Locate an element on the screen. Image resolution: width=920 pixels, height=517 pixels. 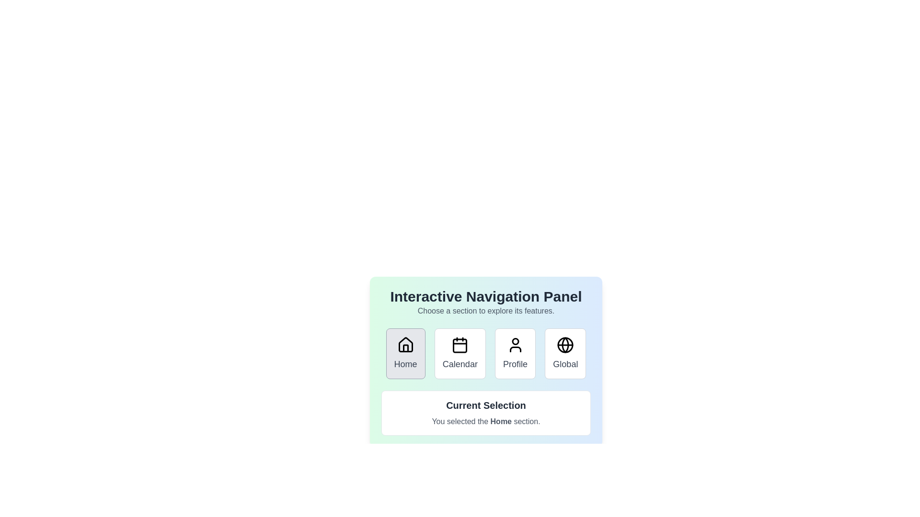
the 'Global' button, which is the rightmost button in a navigation panel, styled with a globe icon and rounded borders is located at coordinates (565, 354).